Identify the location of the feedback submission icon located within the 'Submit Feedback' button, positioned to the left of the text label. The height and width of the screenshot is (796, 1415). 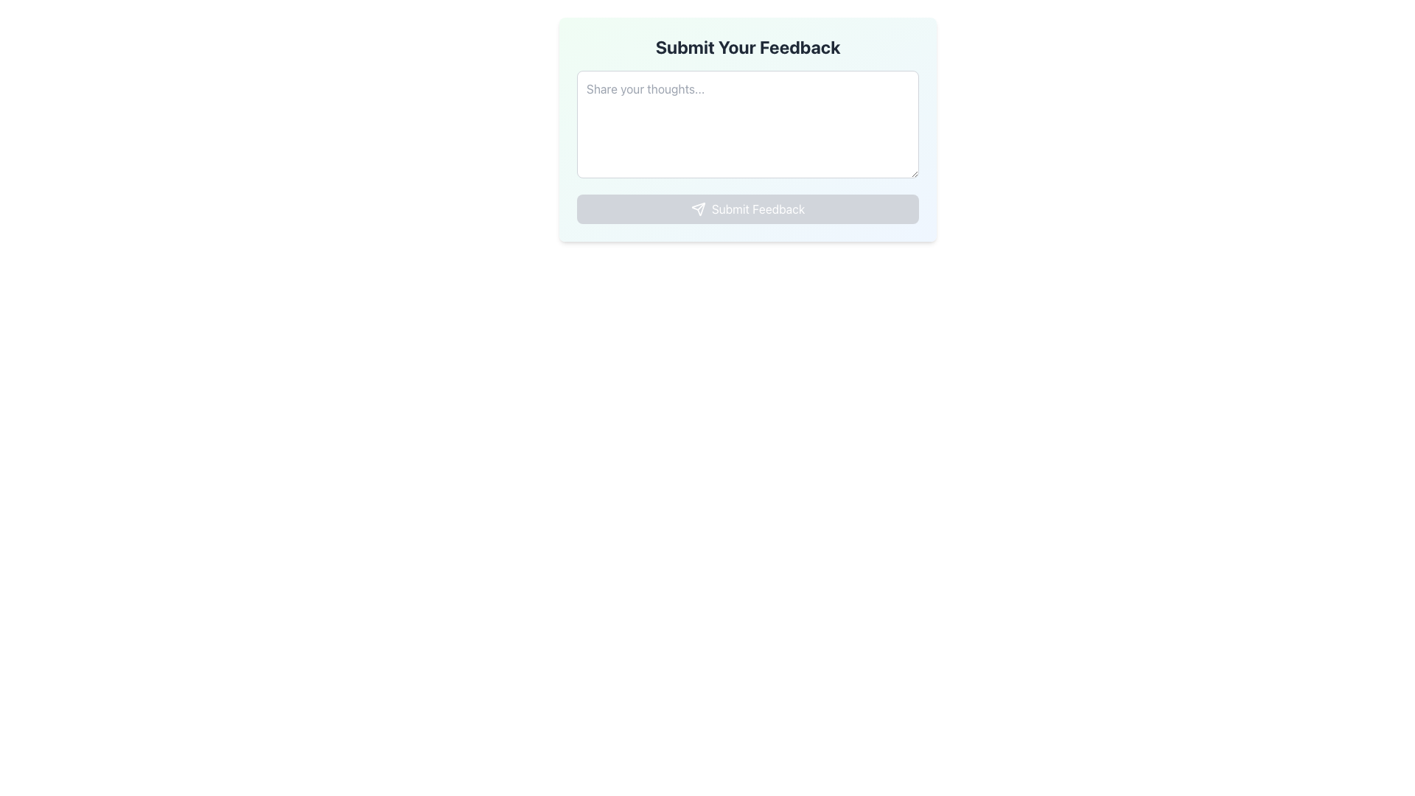
(697, 209).